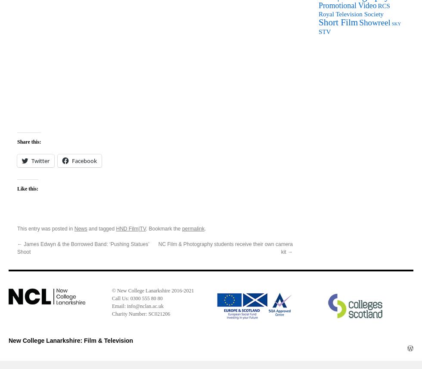 The width and height of the screenshot is (422, 369). What do you see at coordinates (325, 31) in the screenshot?
I see `'STV'` at bounding box center [325, 31].